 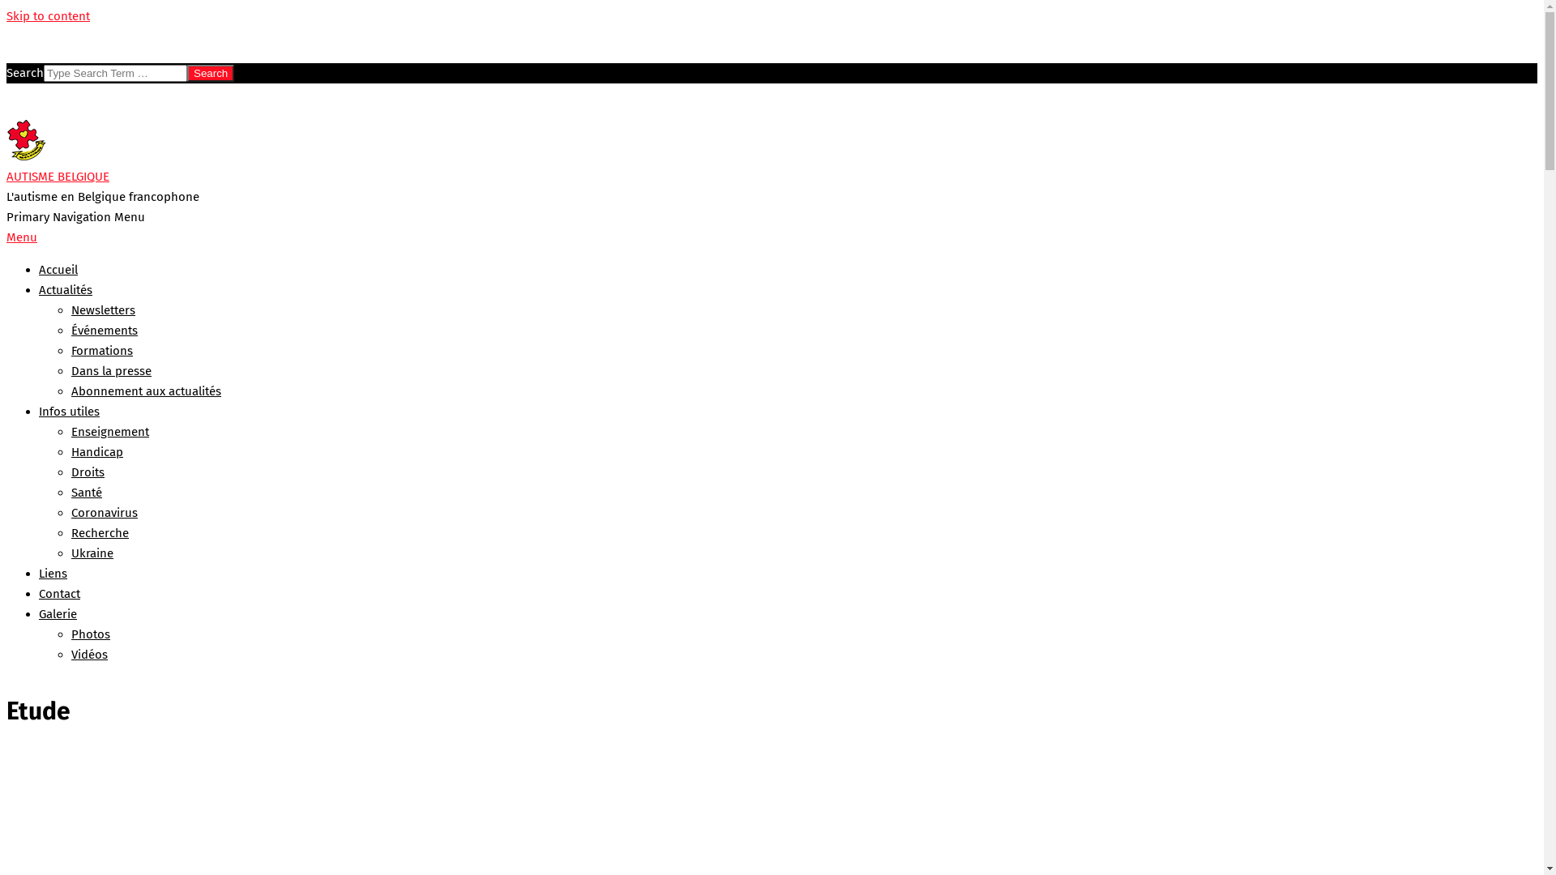 What do you see at coordinates (92, 552) in the screenshot?
I see `'Ukraine'` at bounding box center [92, 552].